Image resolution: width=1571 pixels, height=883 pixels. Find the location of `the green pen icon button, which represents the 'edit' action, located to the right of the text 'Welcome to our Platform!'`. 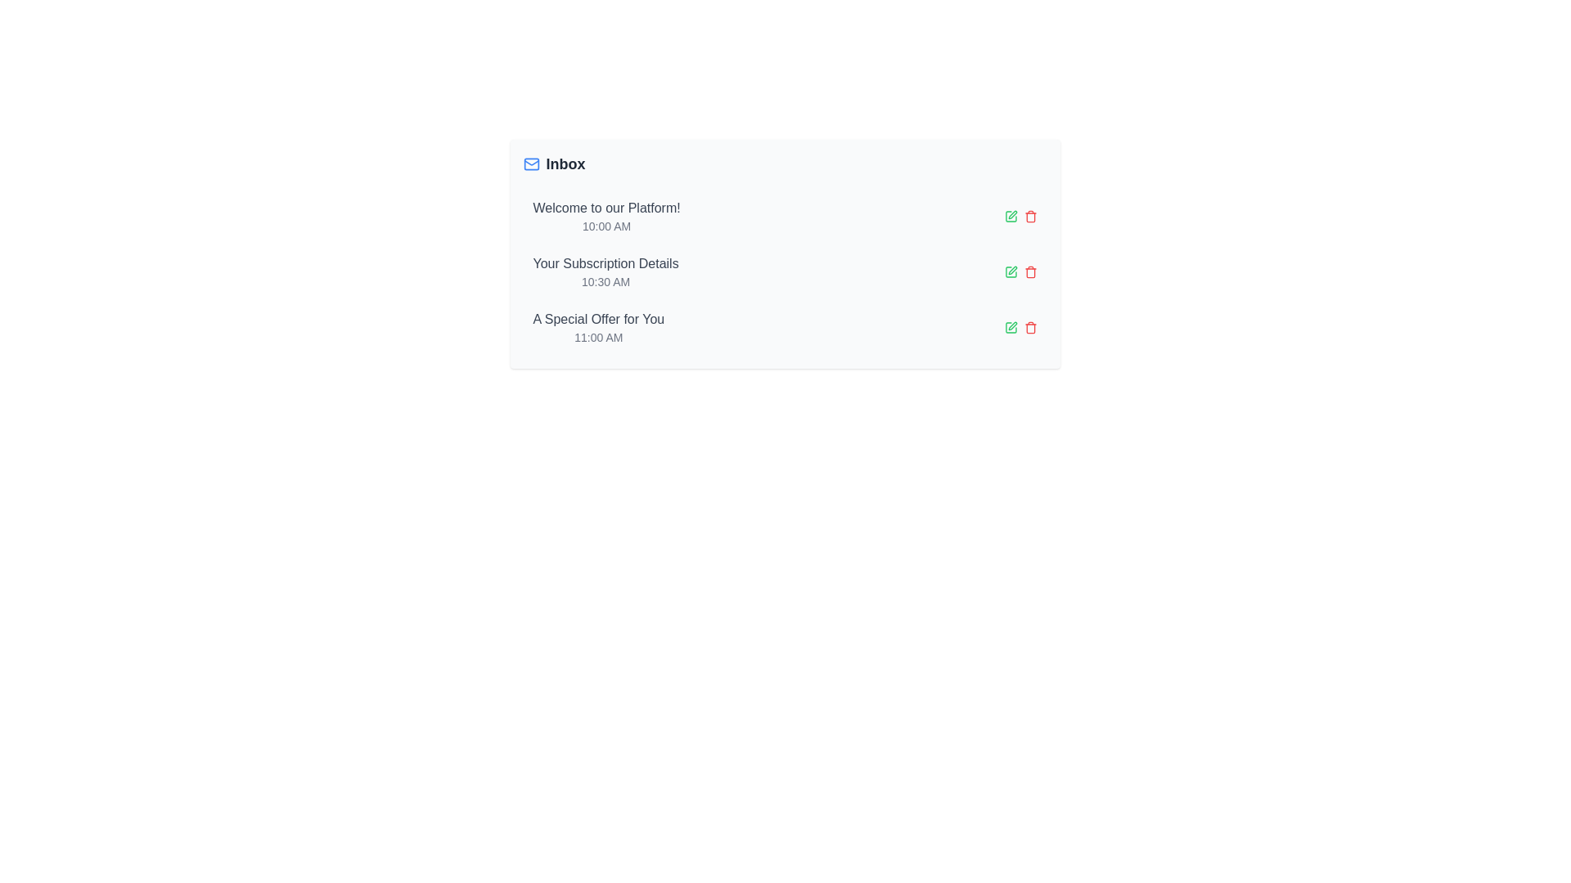

the green pen icon button, which represents the 'edit' action, located to the right of the text 'Welcome to our Platform!' is located at coordinates (1010, 216).